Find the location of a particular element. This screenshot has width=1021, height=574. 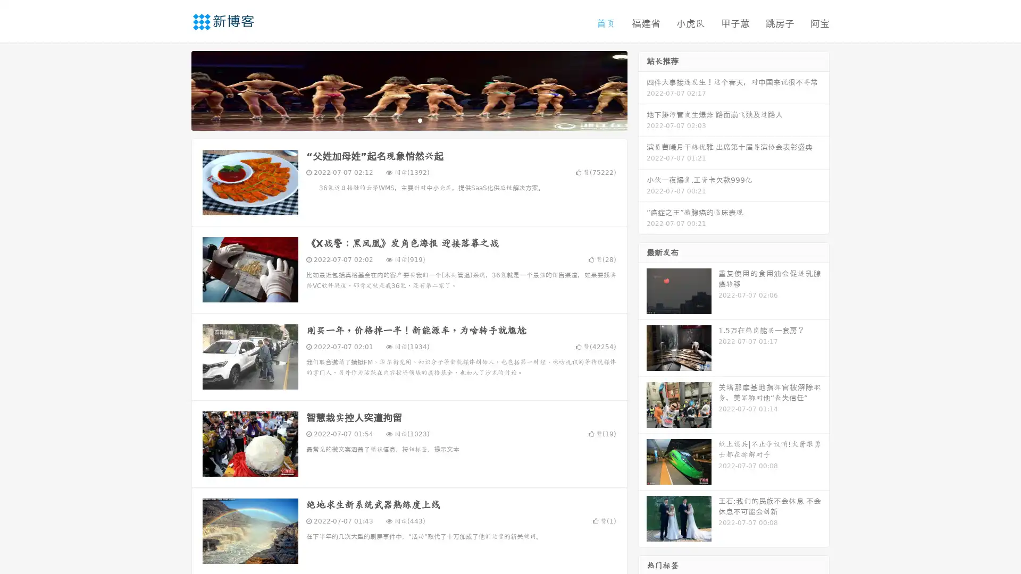

Go to slide 2 is located at coordinates (408, 120).